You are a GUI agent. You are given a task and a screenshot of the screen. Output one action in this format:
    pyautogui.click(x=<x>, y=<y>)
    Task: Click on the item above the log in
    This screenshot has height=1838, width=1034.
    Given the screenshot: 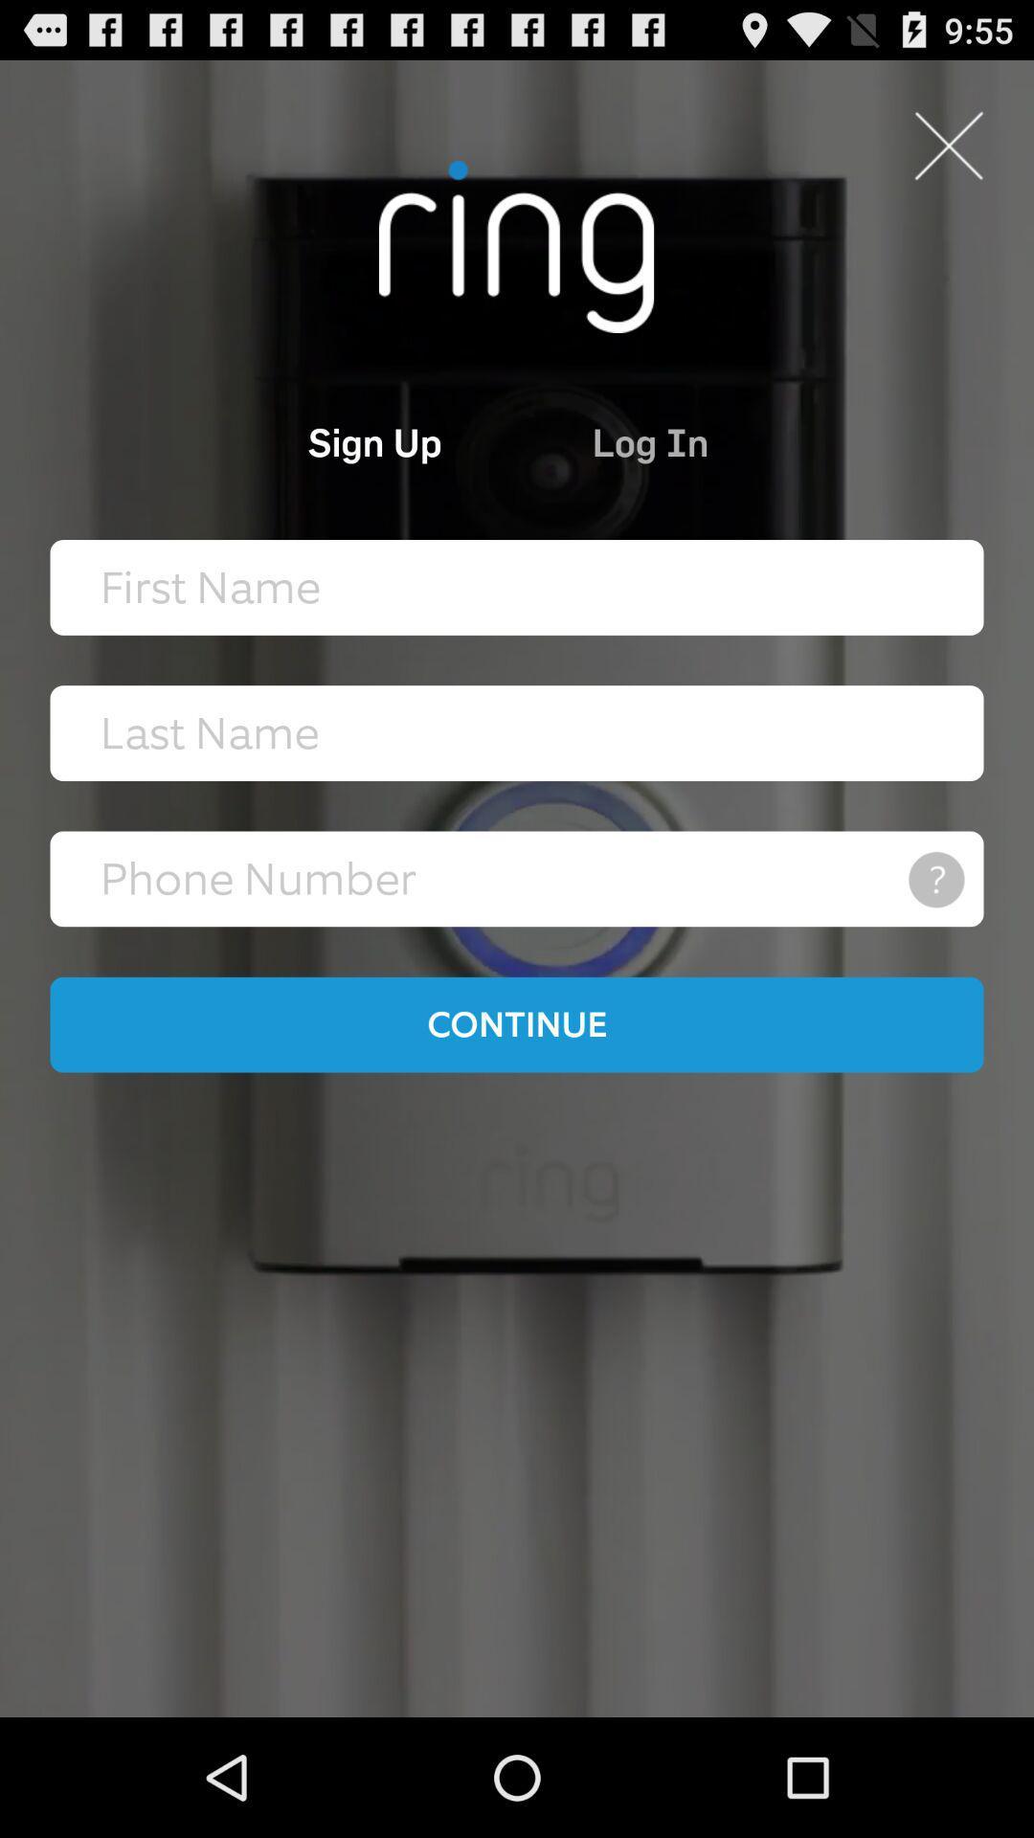 What is the action you would take?
    pyautogui.click(x=948, y=145)
    